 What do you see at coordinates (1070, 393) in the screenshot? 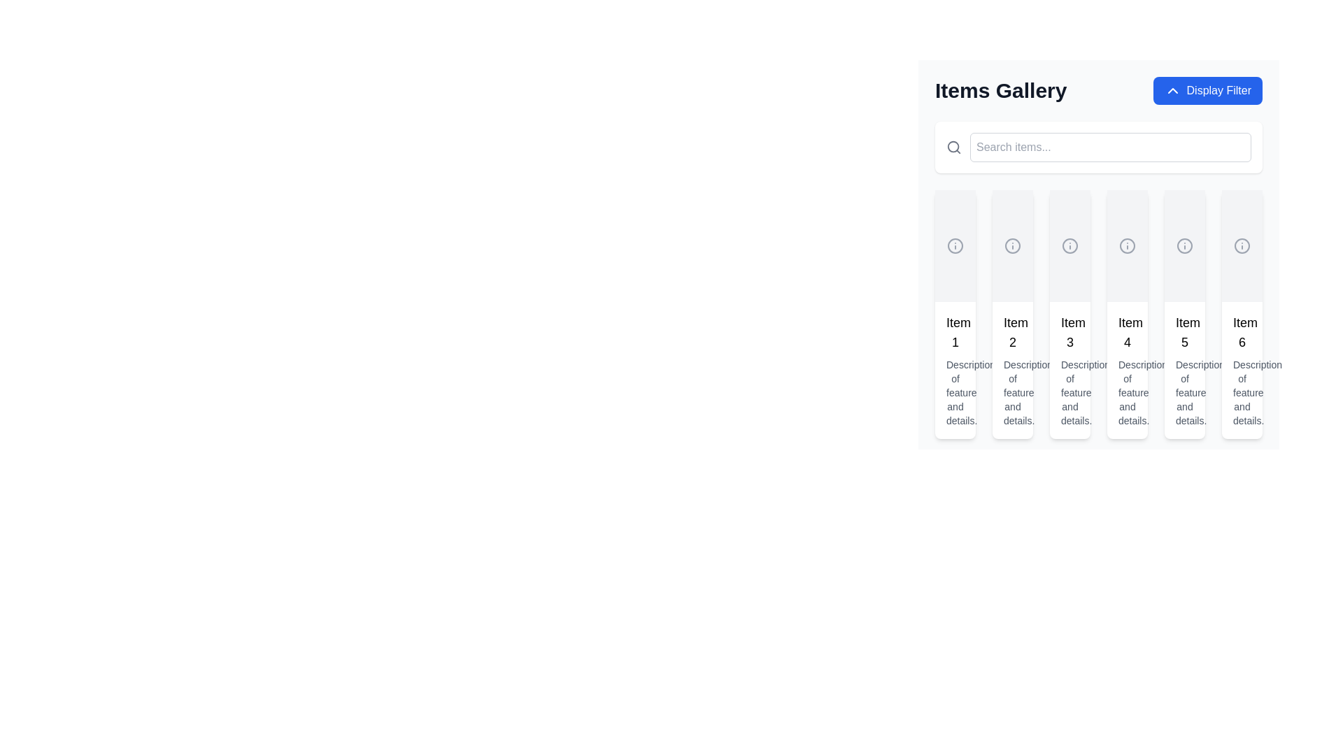
I see `text block displaying 'Description of feature and details.' which is styled with a small font size and gray color, positioned below 'Item 3'` at bounding box center [1070, 393].